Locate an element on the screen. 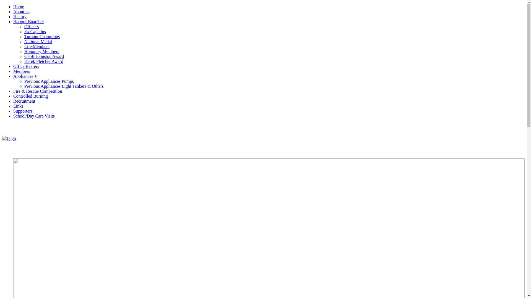 The image size is (531, 298). 'Links' is located at coordinates (13, 106).